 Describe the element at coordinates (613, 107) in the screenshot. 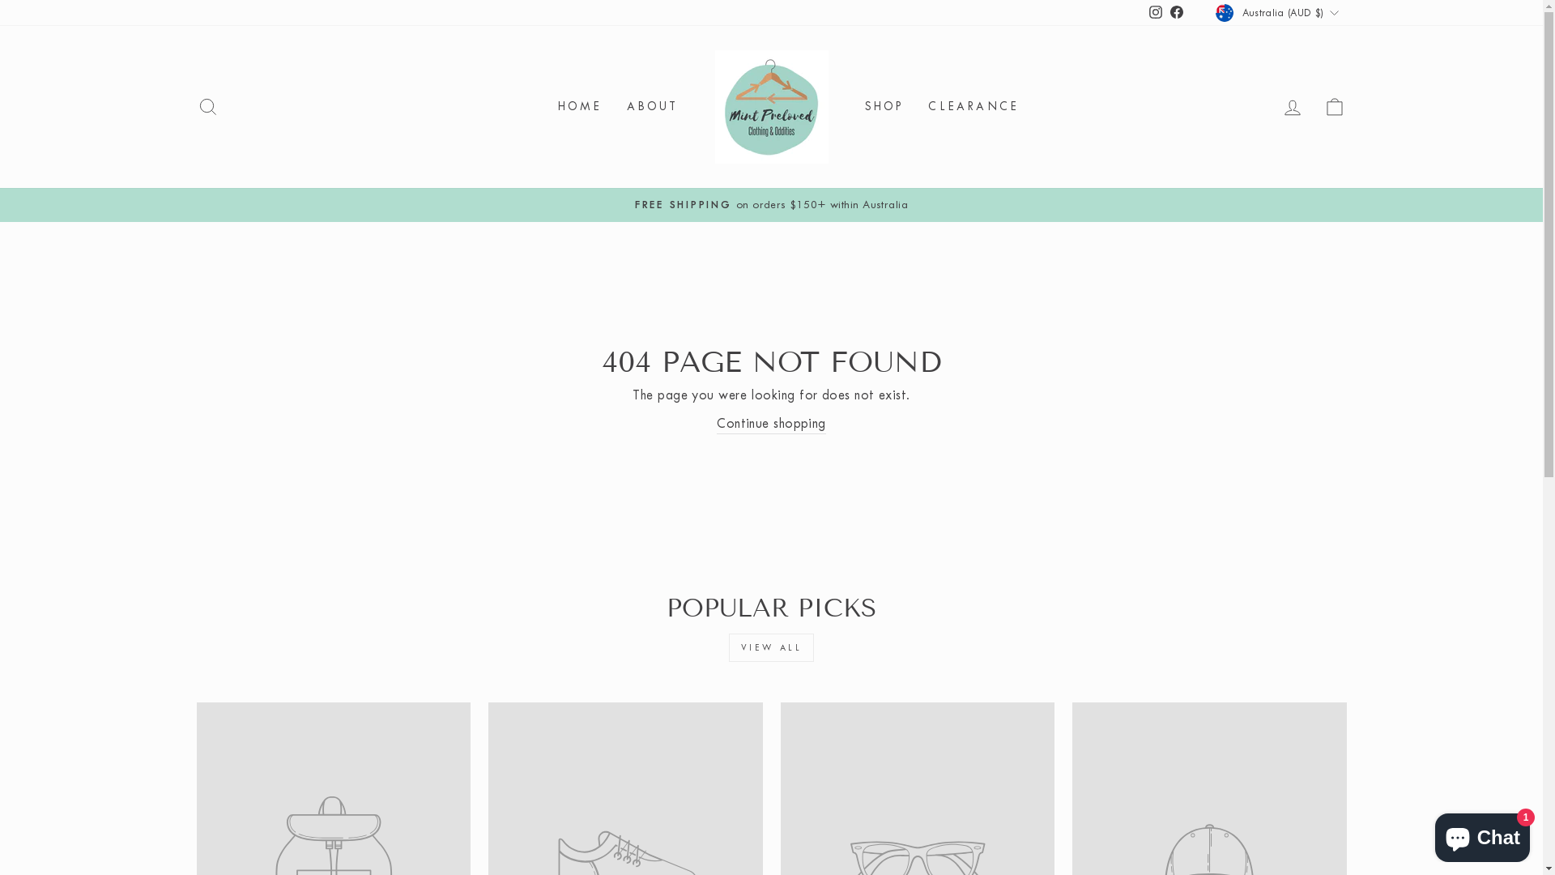

I see `'ABOUT'` at that location.